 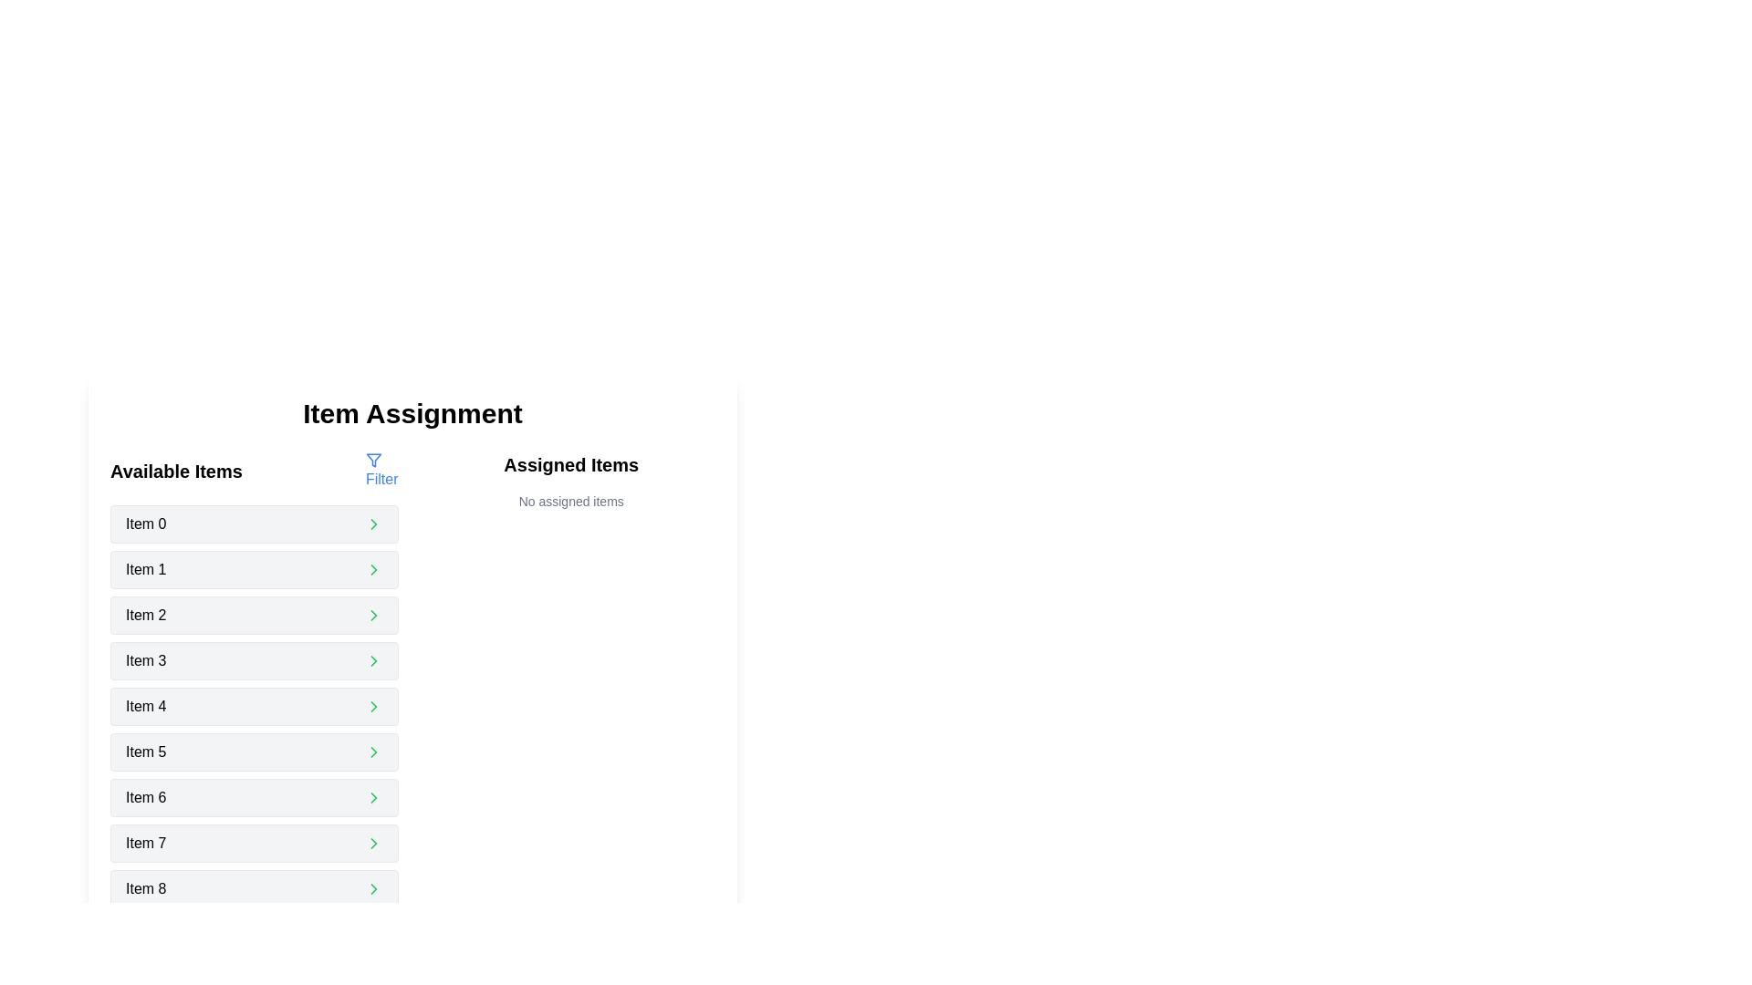 I want to click on the eighth item in the 'Available Items' list, so click(x=253, y=844).